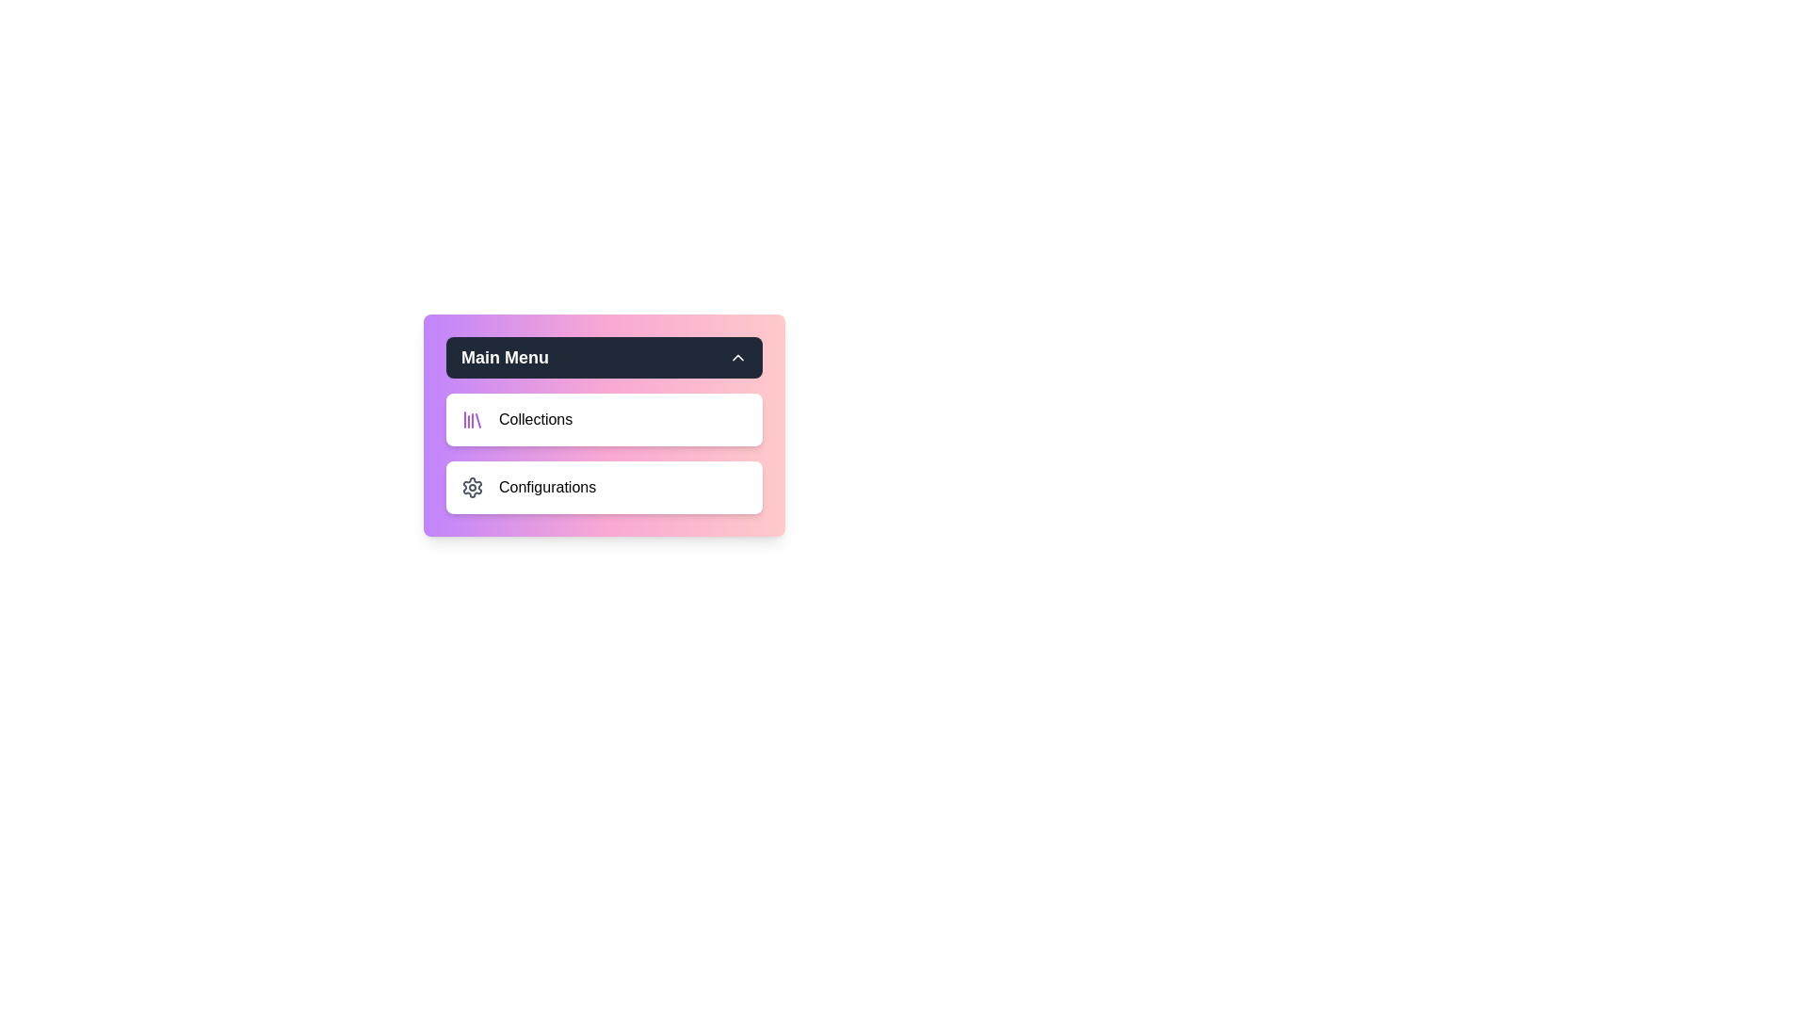  I want to click on the gear-shaped settings icon located at the bottom right of the 'Configurations' option in the menu, so click(473, 486).